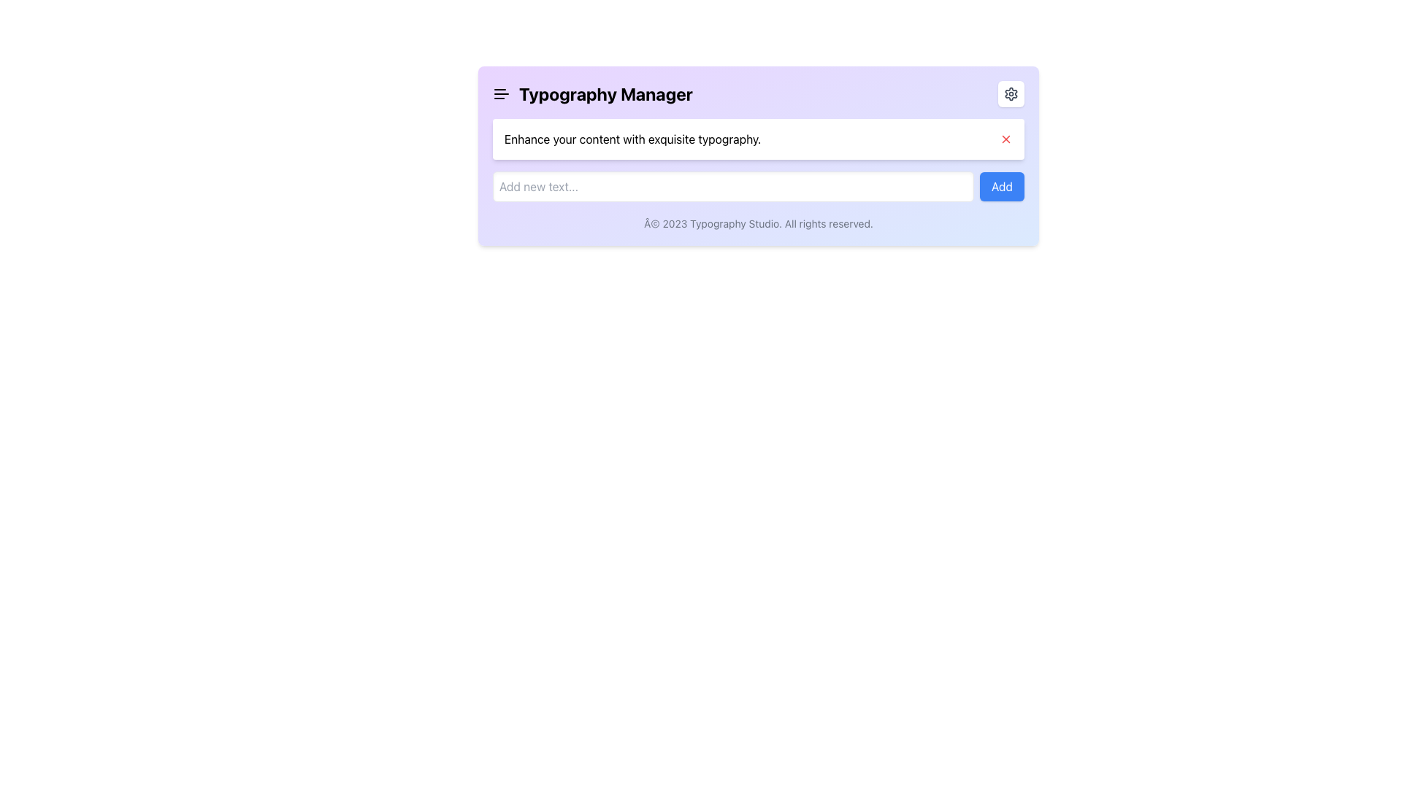 The width and height of the screenshot is (1402, 788). Describe the element at coordinates (1005, 139) in the screenshot. I see `the diagonal cross (X) icon located in the top-right corner of the 'Typography Manager' interface` at that location.